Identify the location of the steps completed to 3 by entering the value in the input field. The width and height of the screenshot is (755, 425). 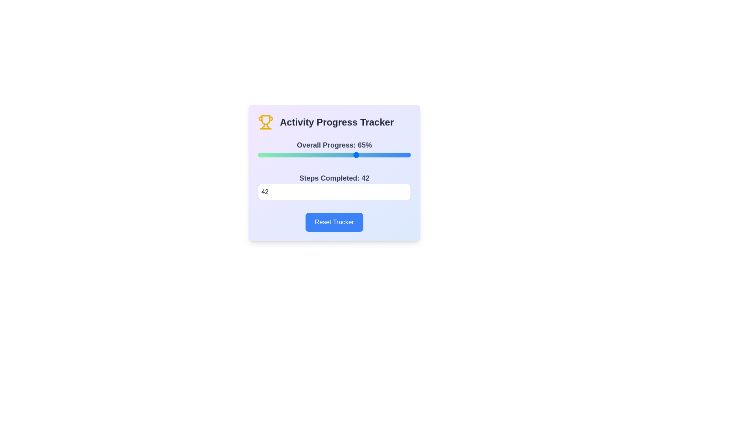
(334, 192).